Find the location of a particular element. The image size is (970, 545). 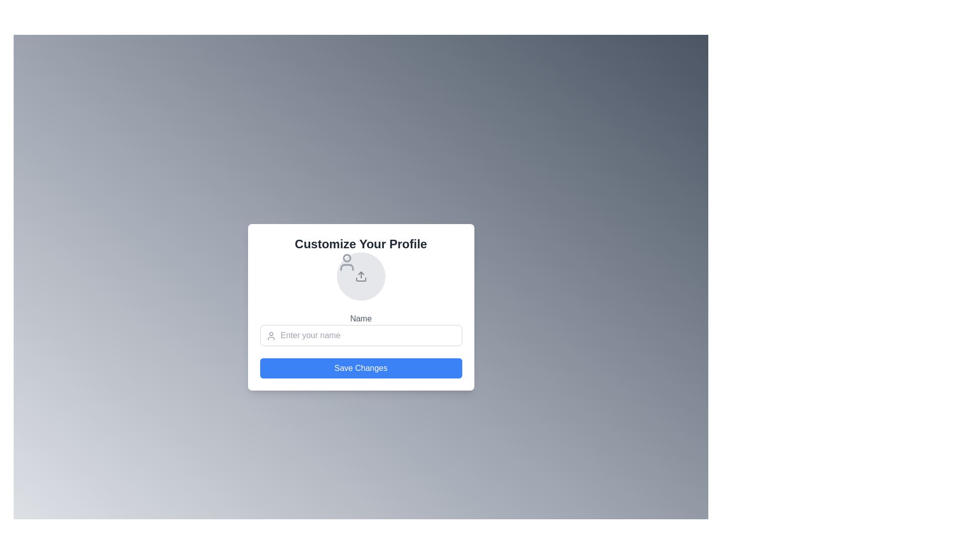

the 'Confirm' button located at the lower center of the modal dialog is located at coordinates (361, 368).